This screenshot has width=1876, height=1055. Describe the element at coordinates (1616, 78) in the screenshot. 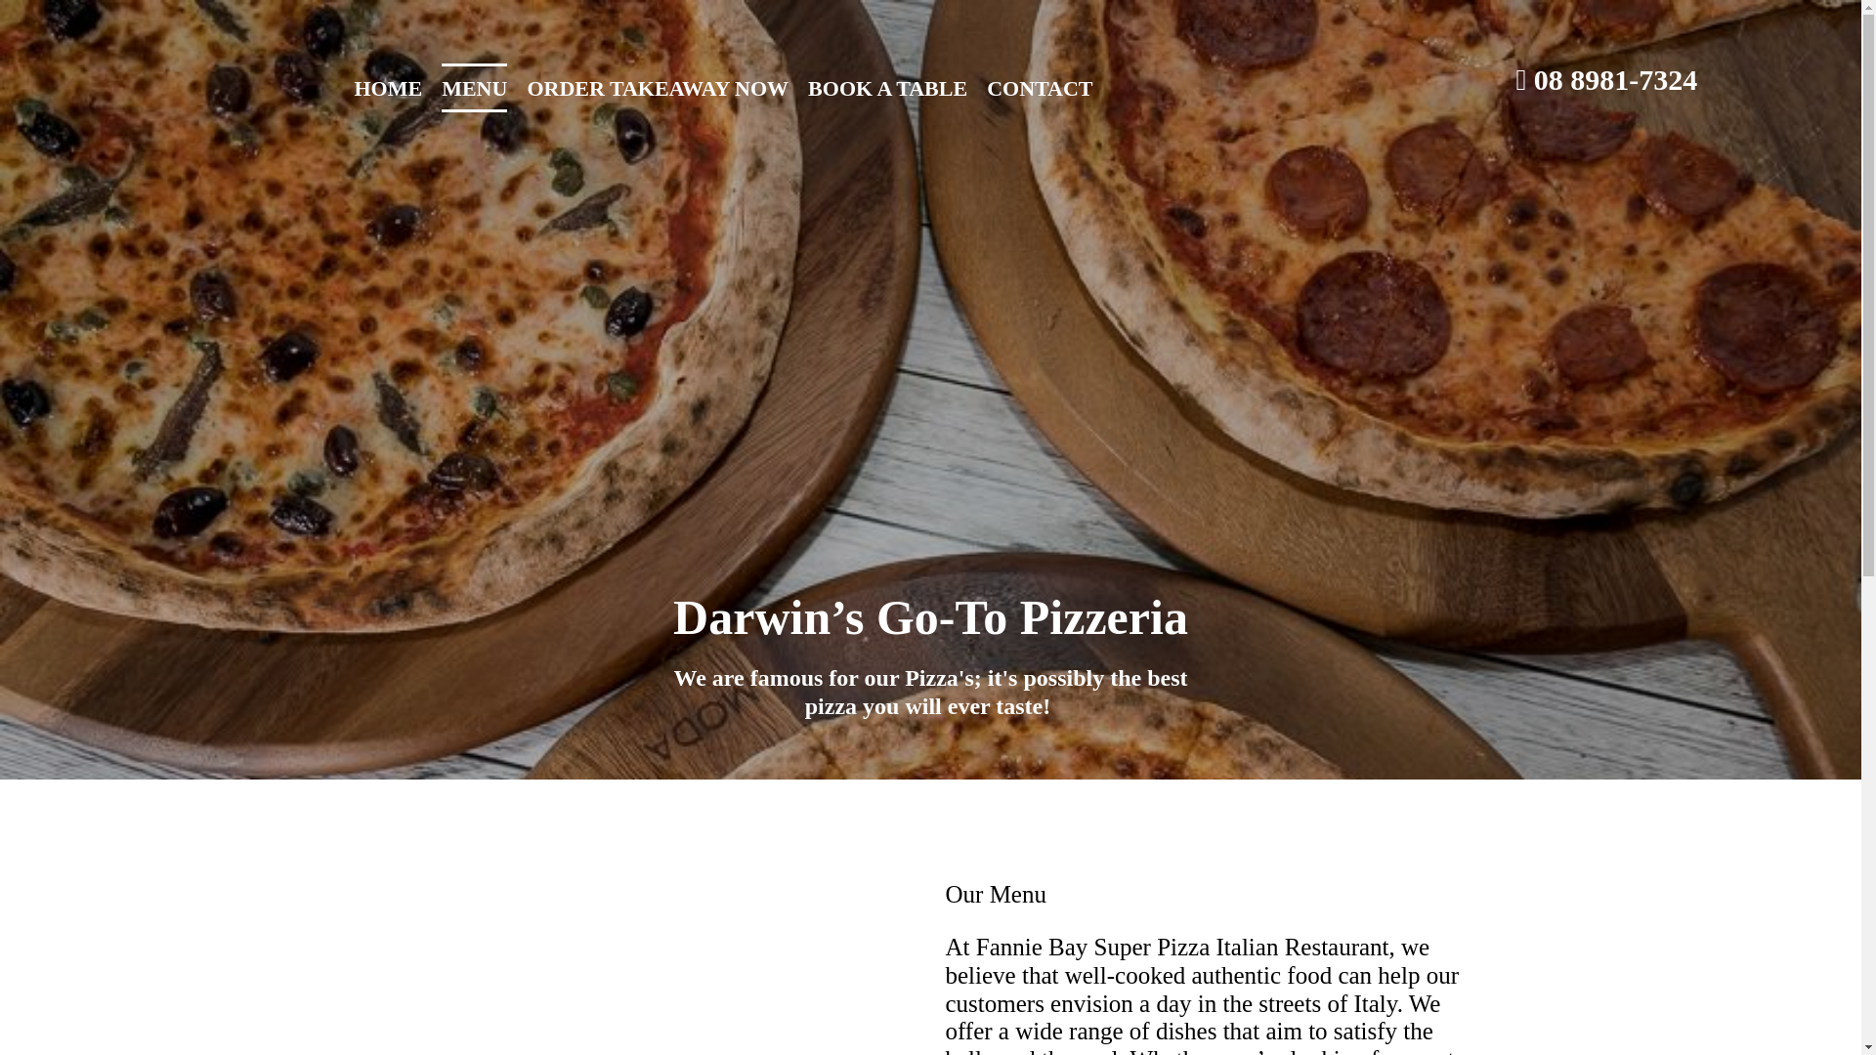

I see `'08 8981-7324'` at that location.